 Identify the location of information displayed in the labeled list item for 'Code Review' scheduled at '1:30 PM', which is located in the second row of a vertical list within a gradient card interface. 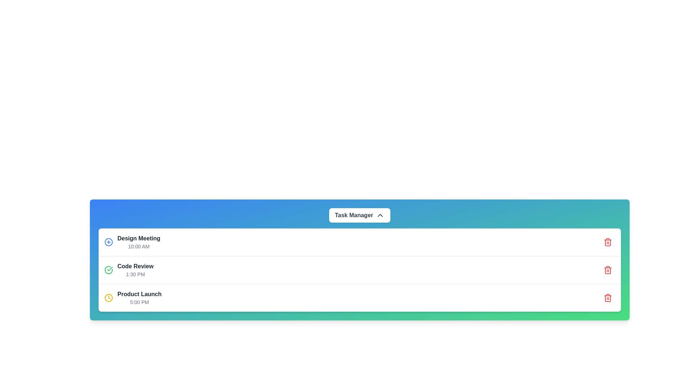
(129, 270).